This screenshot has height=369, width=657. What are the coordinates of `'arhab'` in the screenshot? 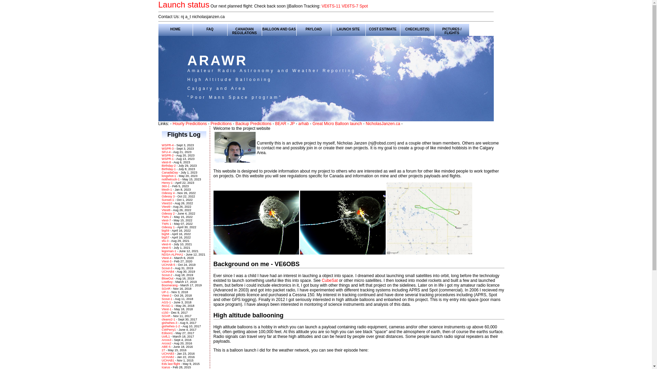 It's located at (303, 124).